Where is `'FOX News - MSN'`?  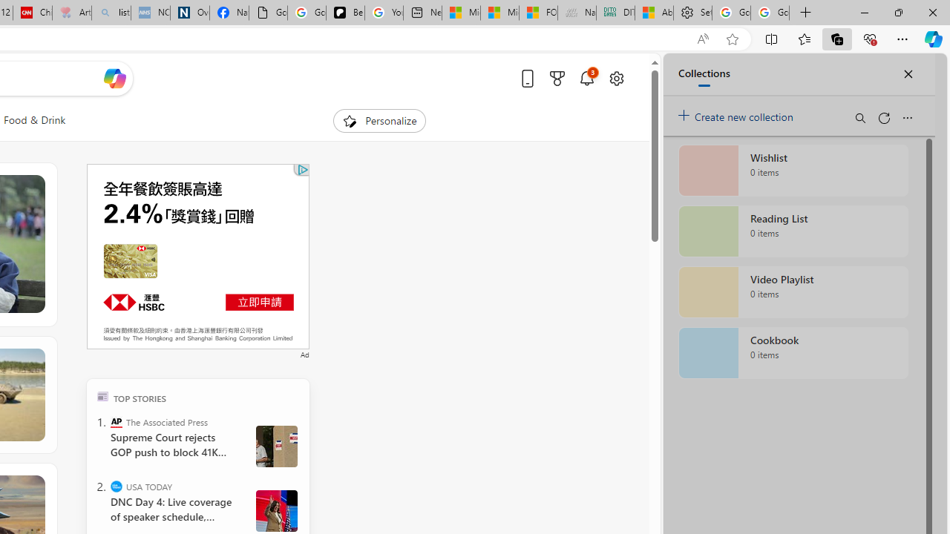 'FOX News - MSN' is located at coordinates (537, 13).